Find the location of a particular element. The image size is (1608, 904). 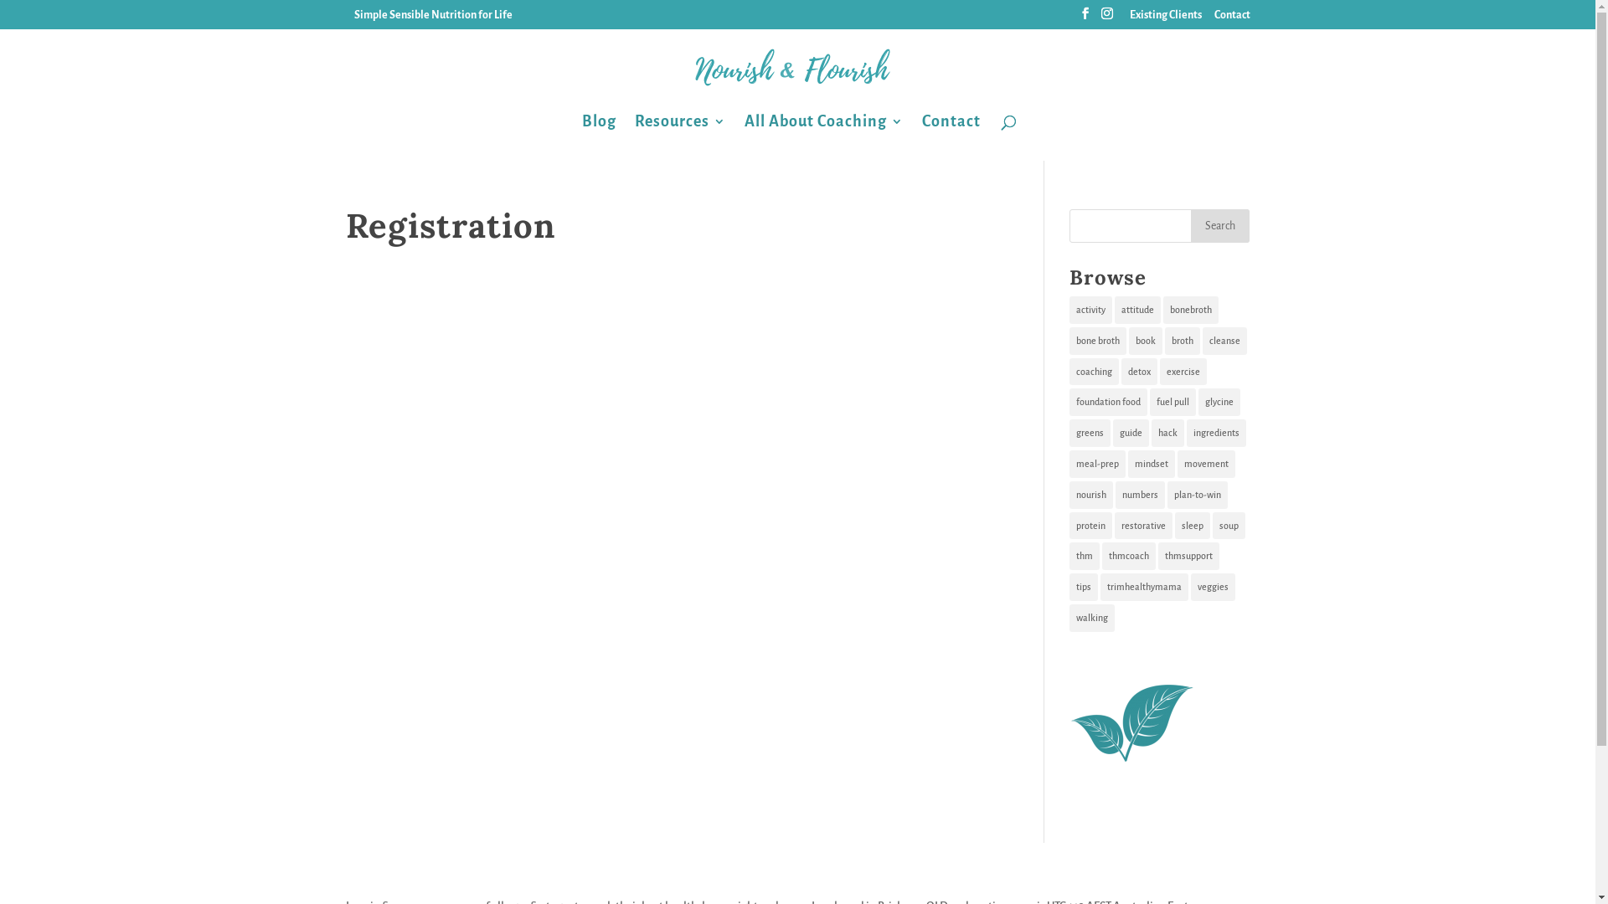

'cleanse' is located at coordinates (1224, 340).